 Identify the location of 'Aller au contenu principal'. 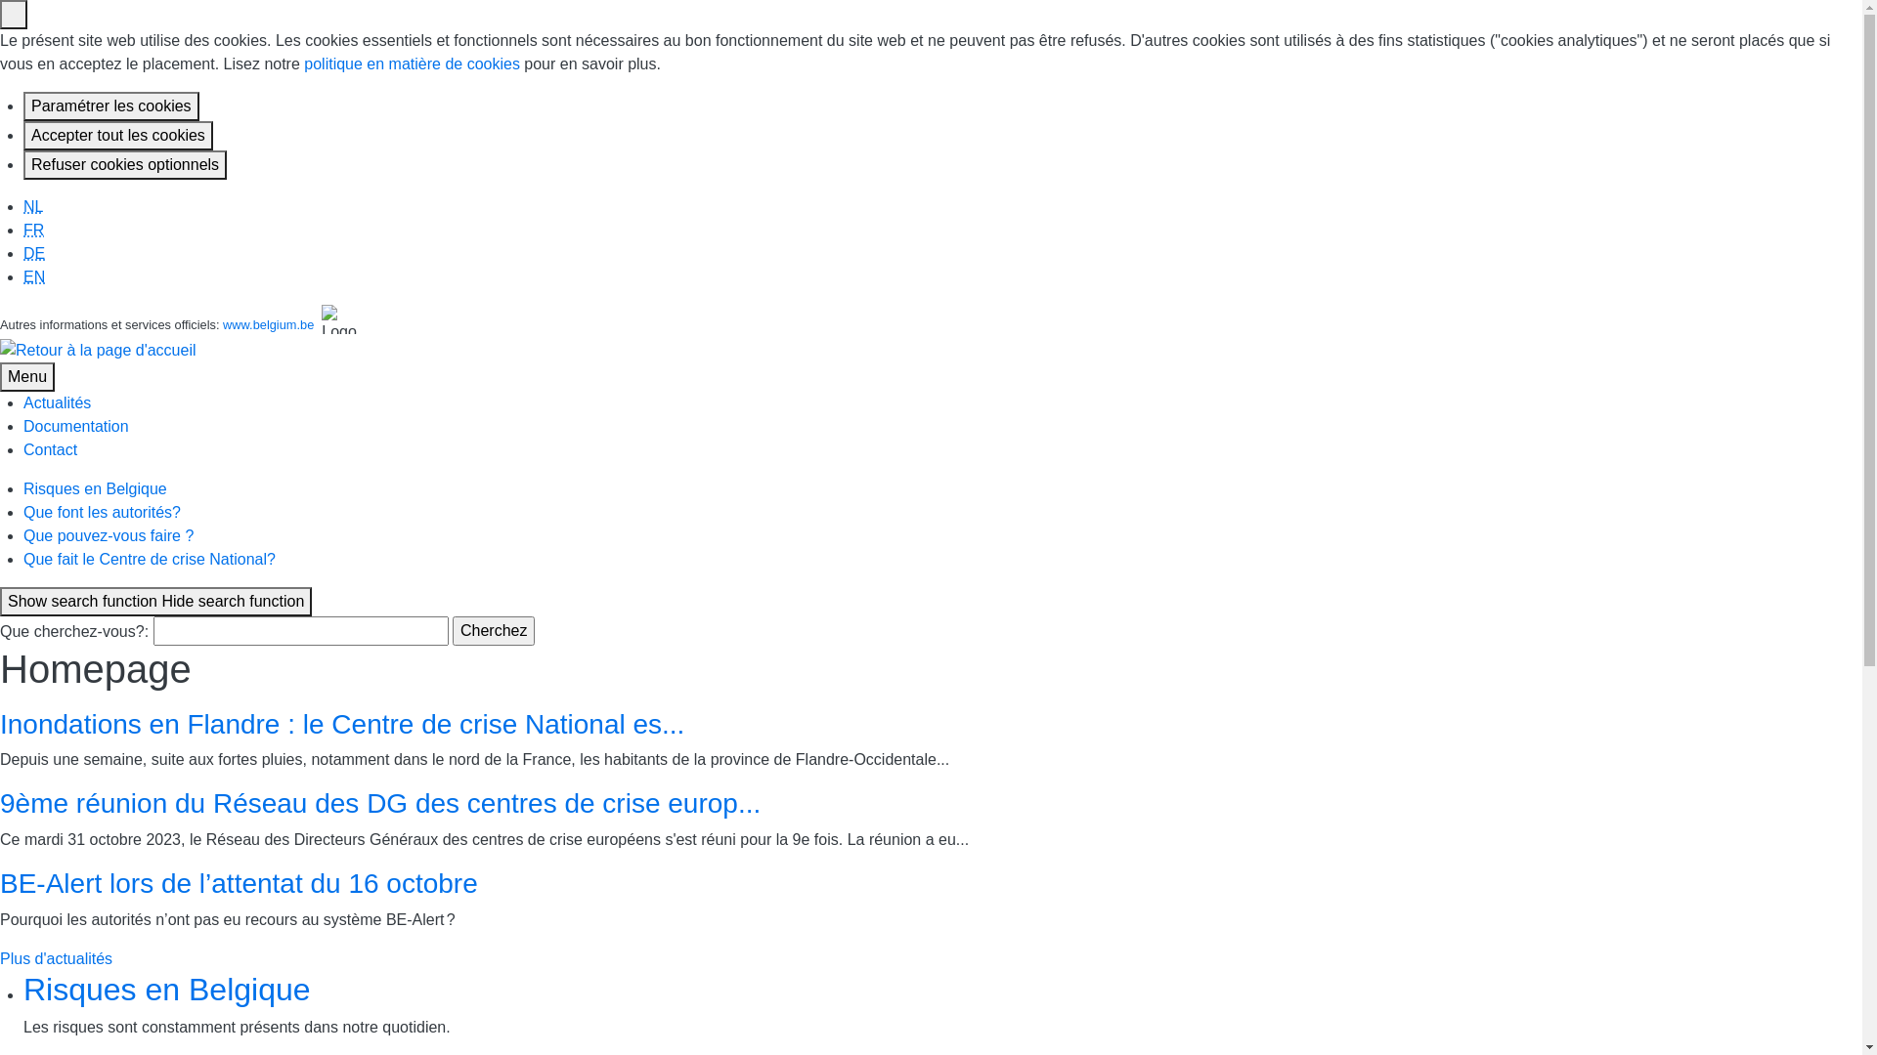
(0, 195).